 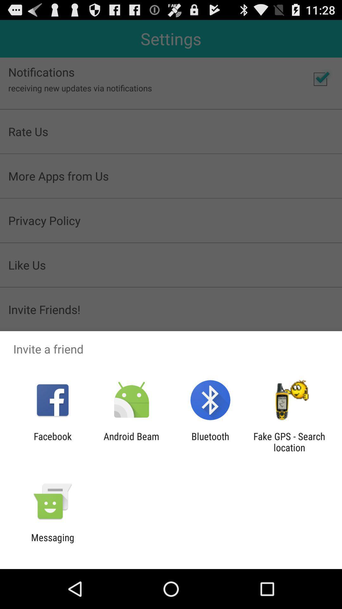 What do you see at coordinates (210, 442) in the screenshot?
I see `bluetooth icon` at bounding box center [210, 442].